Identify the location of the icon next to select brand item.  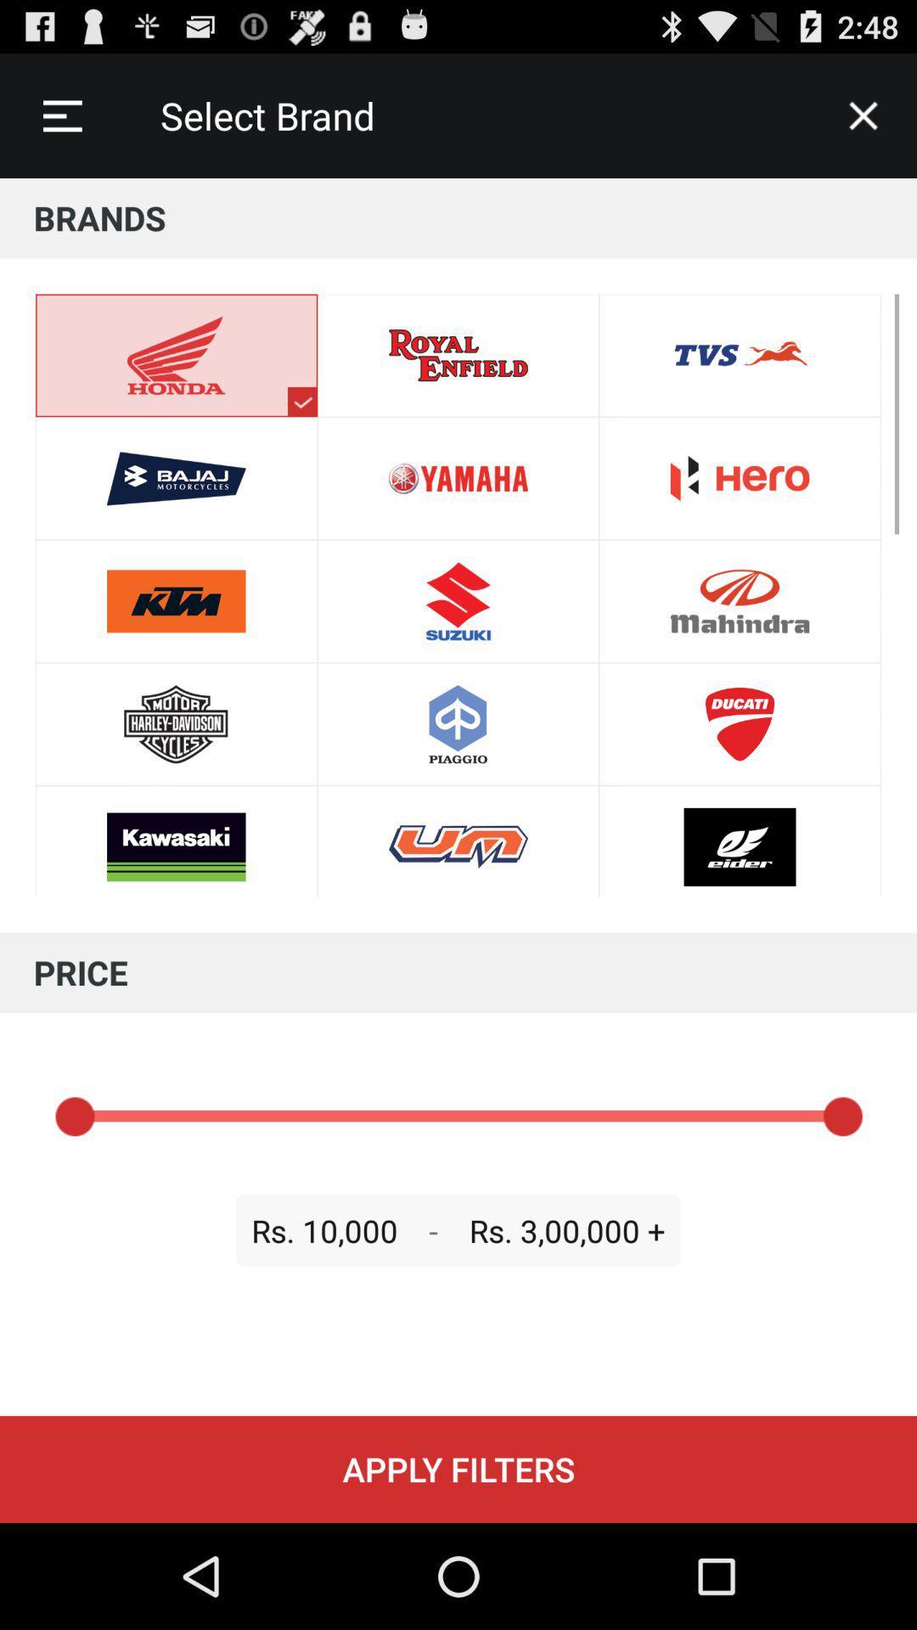
(61, 115).